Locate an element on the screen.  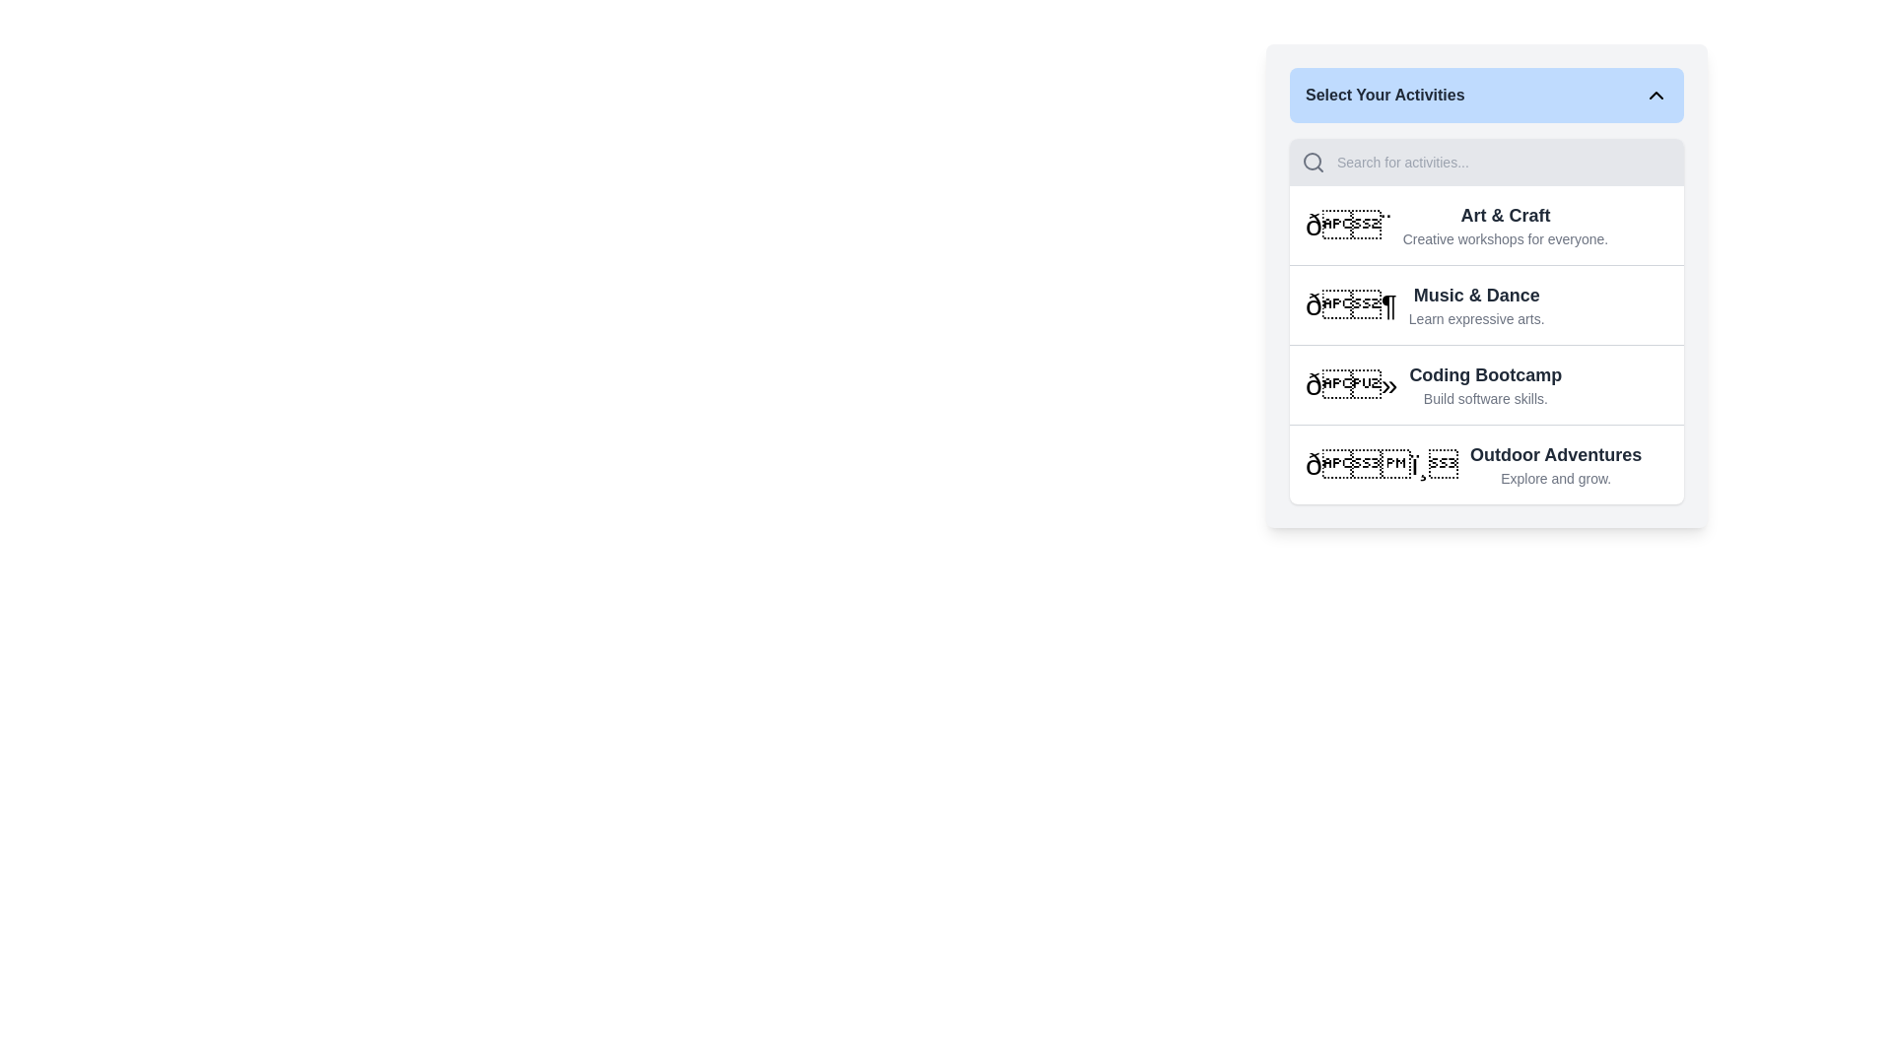
text label that says 'Explore and grow.' which is styled in light gray and positioned under the 'Outdoor Adventures' heading is located at coordinates (1555, 479).